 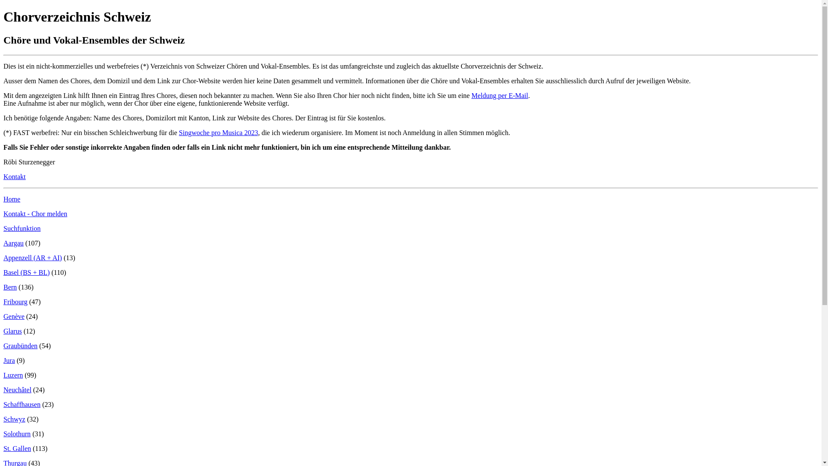 What do you see at coordinates (13, 331) in the screenshot?
I see `'Glarus'` at bounding box center [13, 331].